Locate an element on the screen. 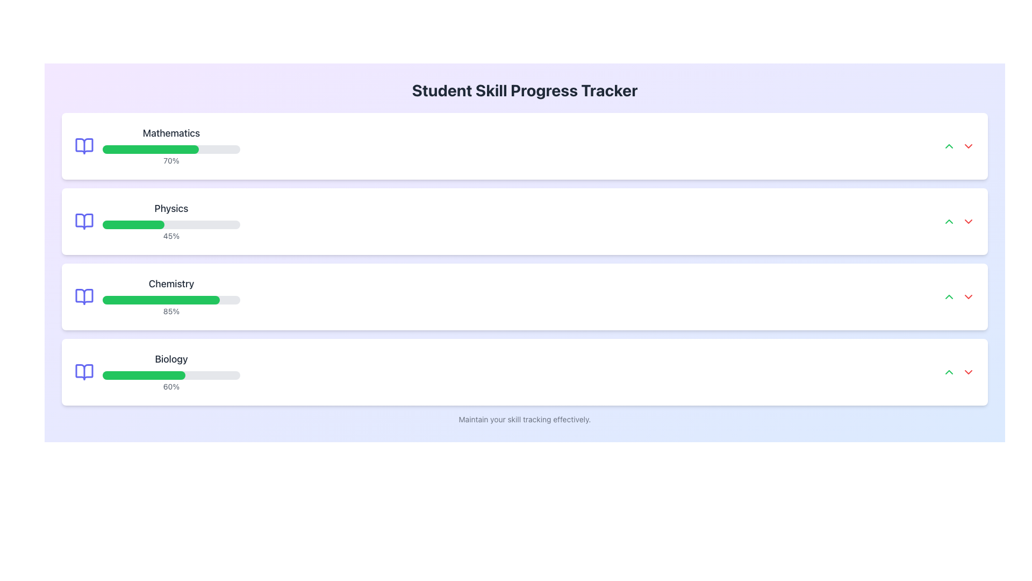  the text label displaying the percentage progress of 70% in the 'Mathematics' section, located below the green progress bar is located at coordinates (170, 160).